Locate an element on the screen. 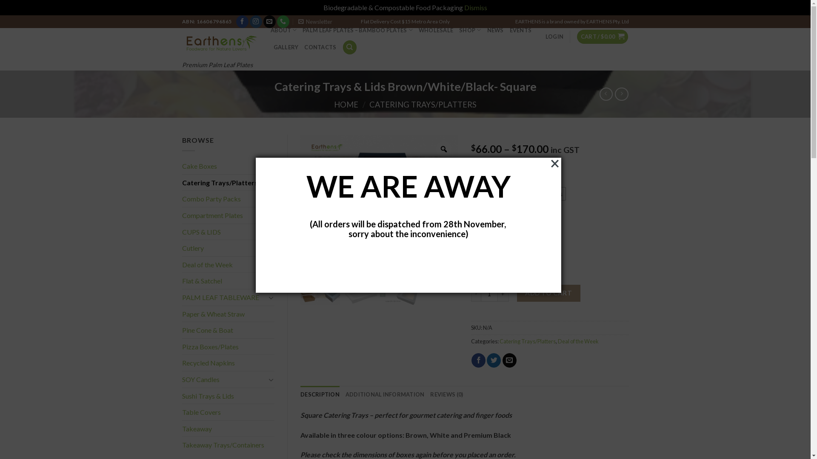  'Earthens - Premium Palm Leaf Plates' is located at coordinates (220, 42).